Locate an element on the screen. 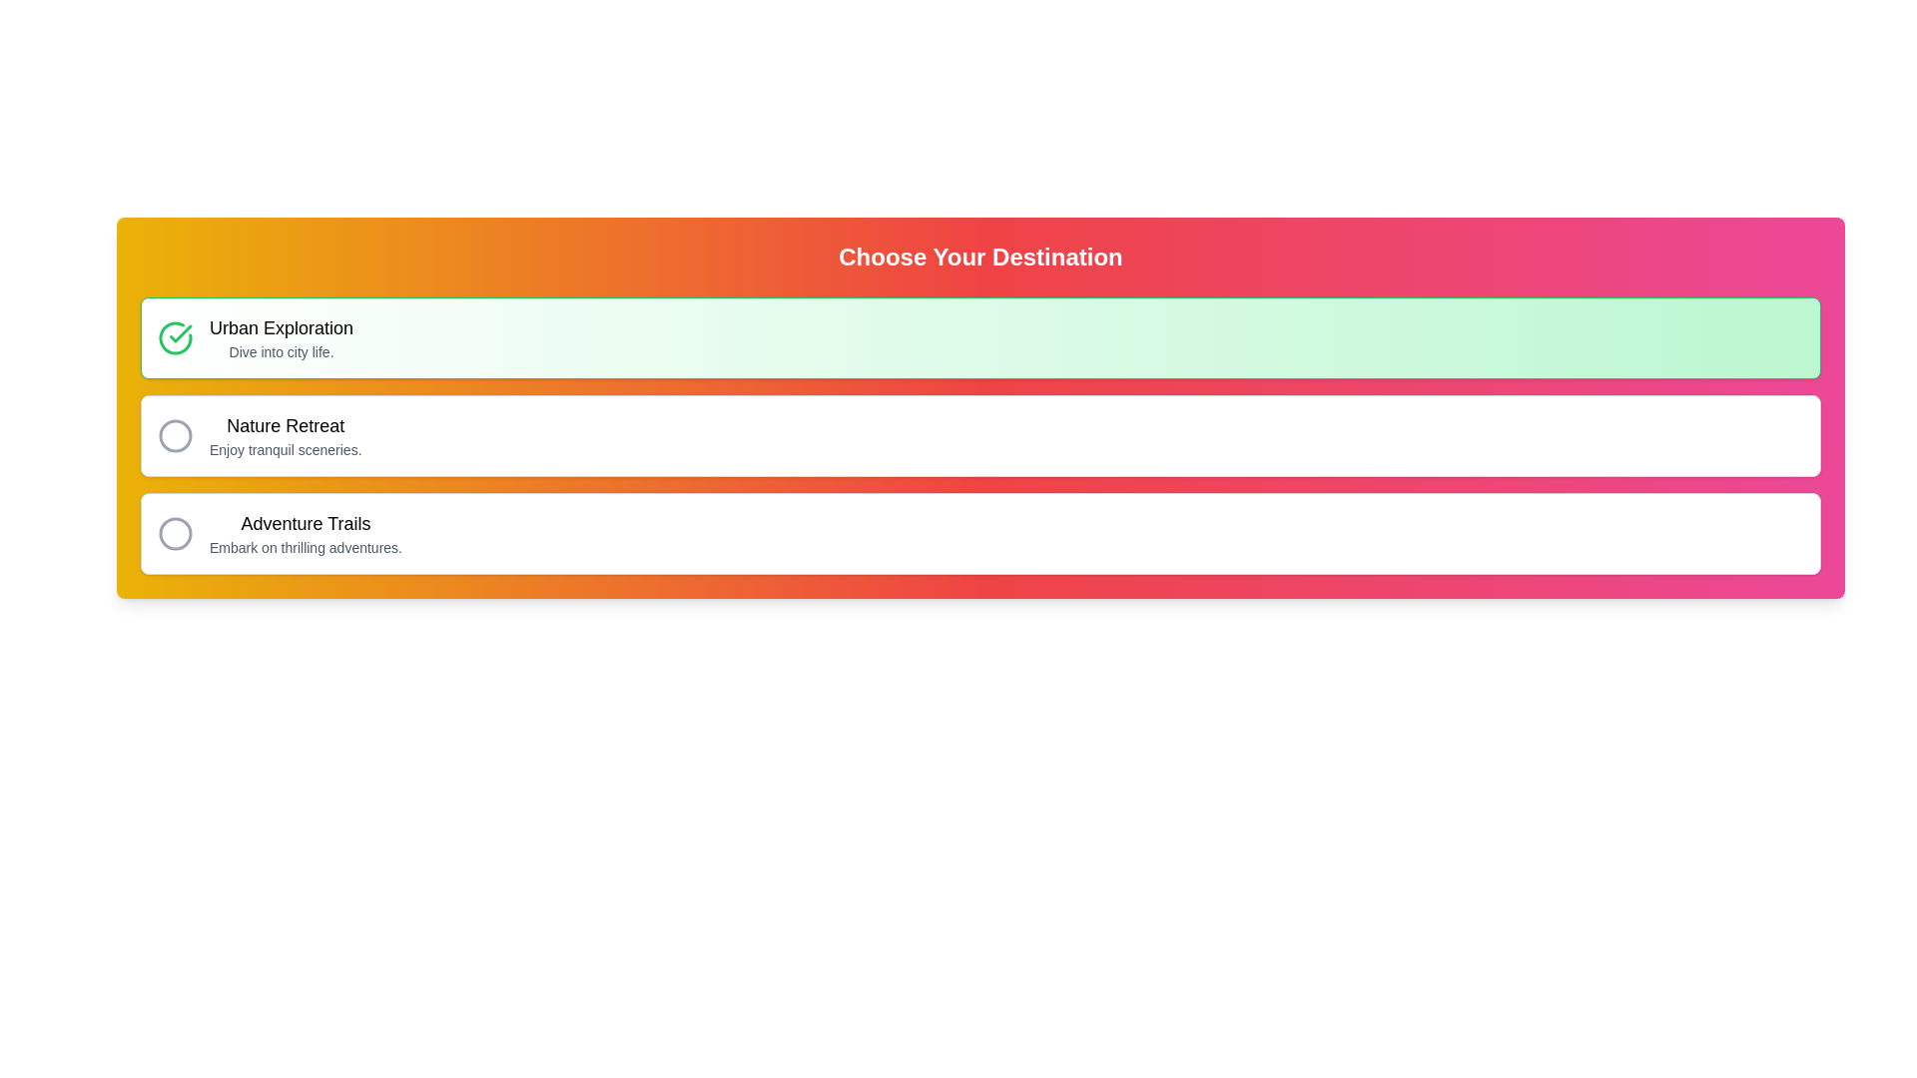 Image resolution: width=1917 pixels, height=1078 pixels. the Indicator Icon that visually indicates the selection of the 'Urban Exploration' option, which is located at the top-left corner of the first list item styled with a light green background is located at coordinates (176, 337).